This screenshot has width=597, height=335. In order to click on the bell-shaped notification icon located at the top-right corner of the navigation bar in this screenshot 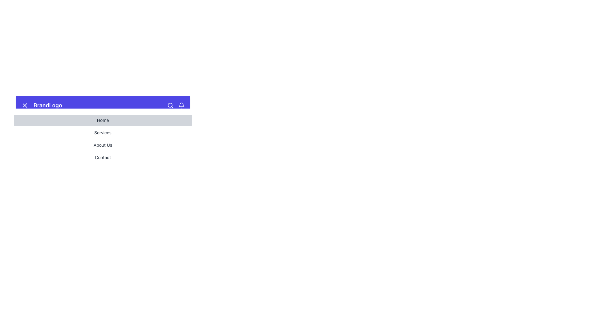, I will do `click(181, 105)`.